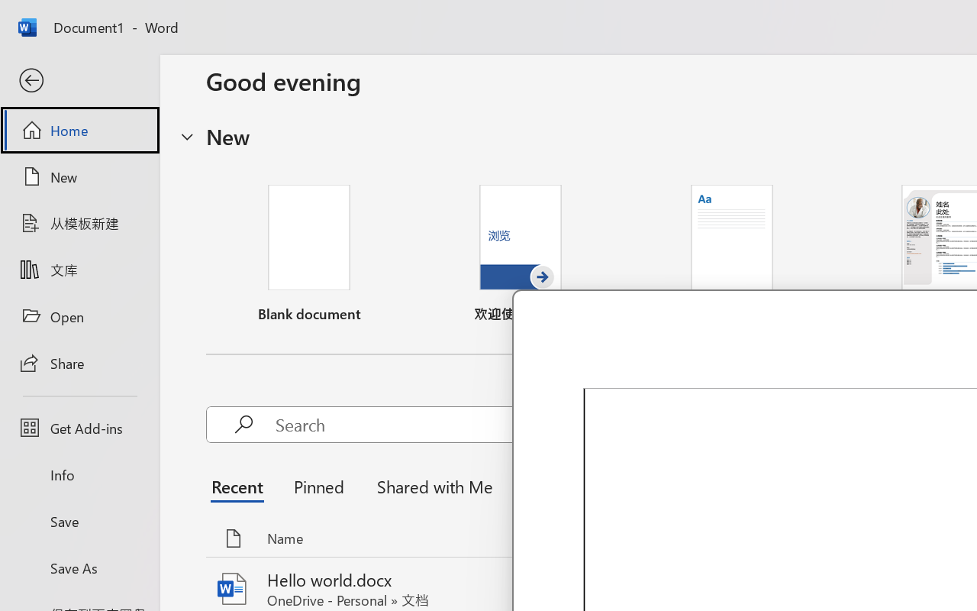 The image size is (977, 611). I want to click on 'Get Add-ins', so click(79, 428).